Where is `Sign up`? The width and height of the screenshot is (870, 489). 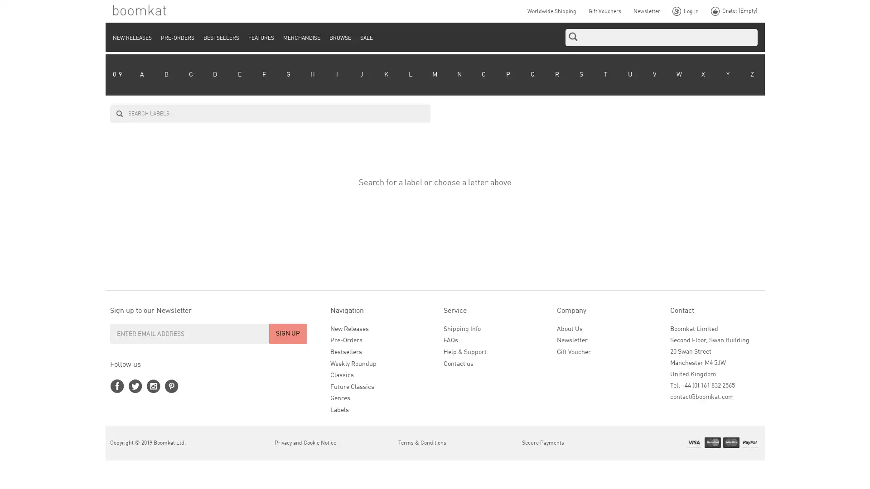 Sign up is located at coordinates (287, 333).